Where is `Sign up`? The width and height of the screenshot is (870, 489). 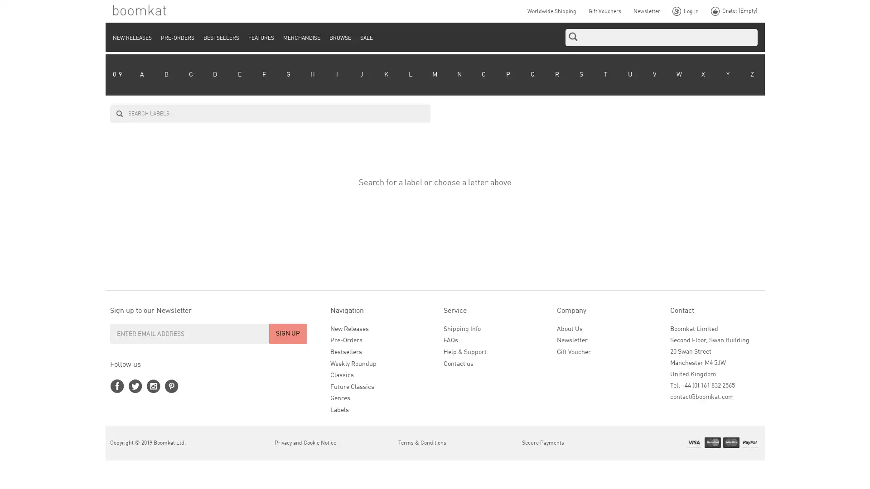 Sign up is located at coordinates (287, 333).